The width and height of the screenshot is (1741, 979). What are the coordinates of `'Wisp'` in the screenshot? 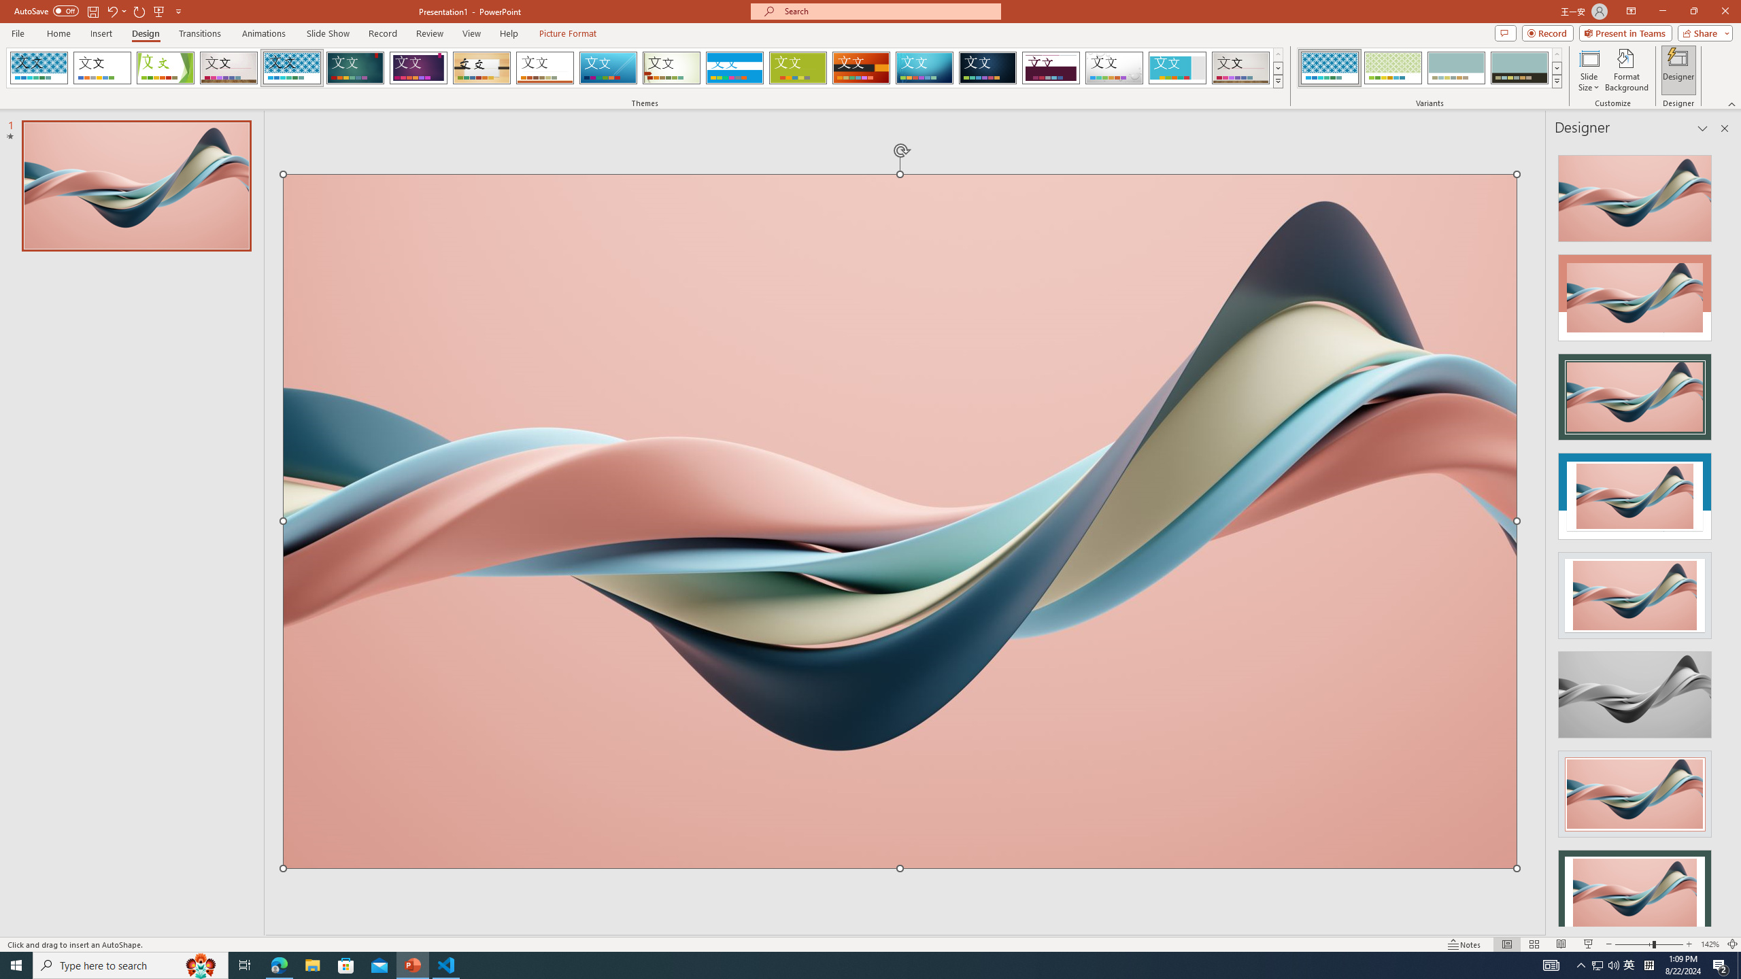 It's located at (671, 67).